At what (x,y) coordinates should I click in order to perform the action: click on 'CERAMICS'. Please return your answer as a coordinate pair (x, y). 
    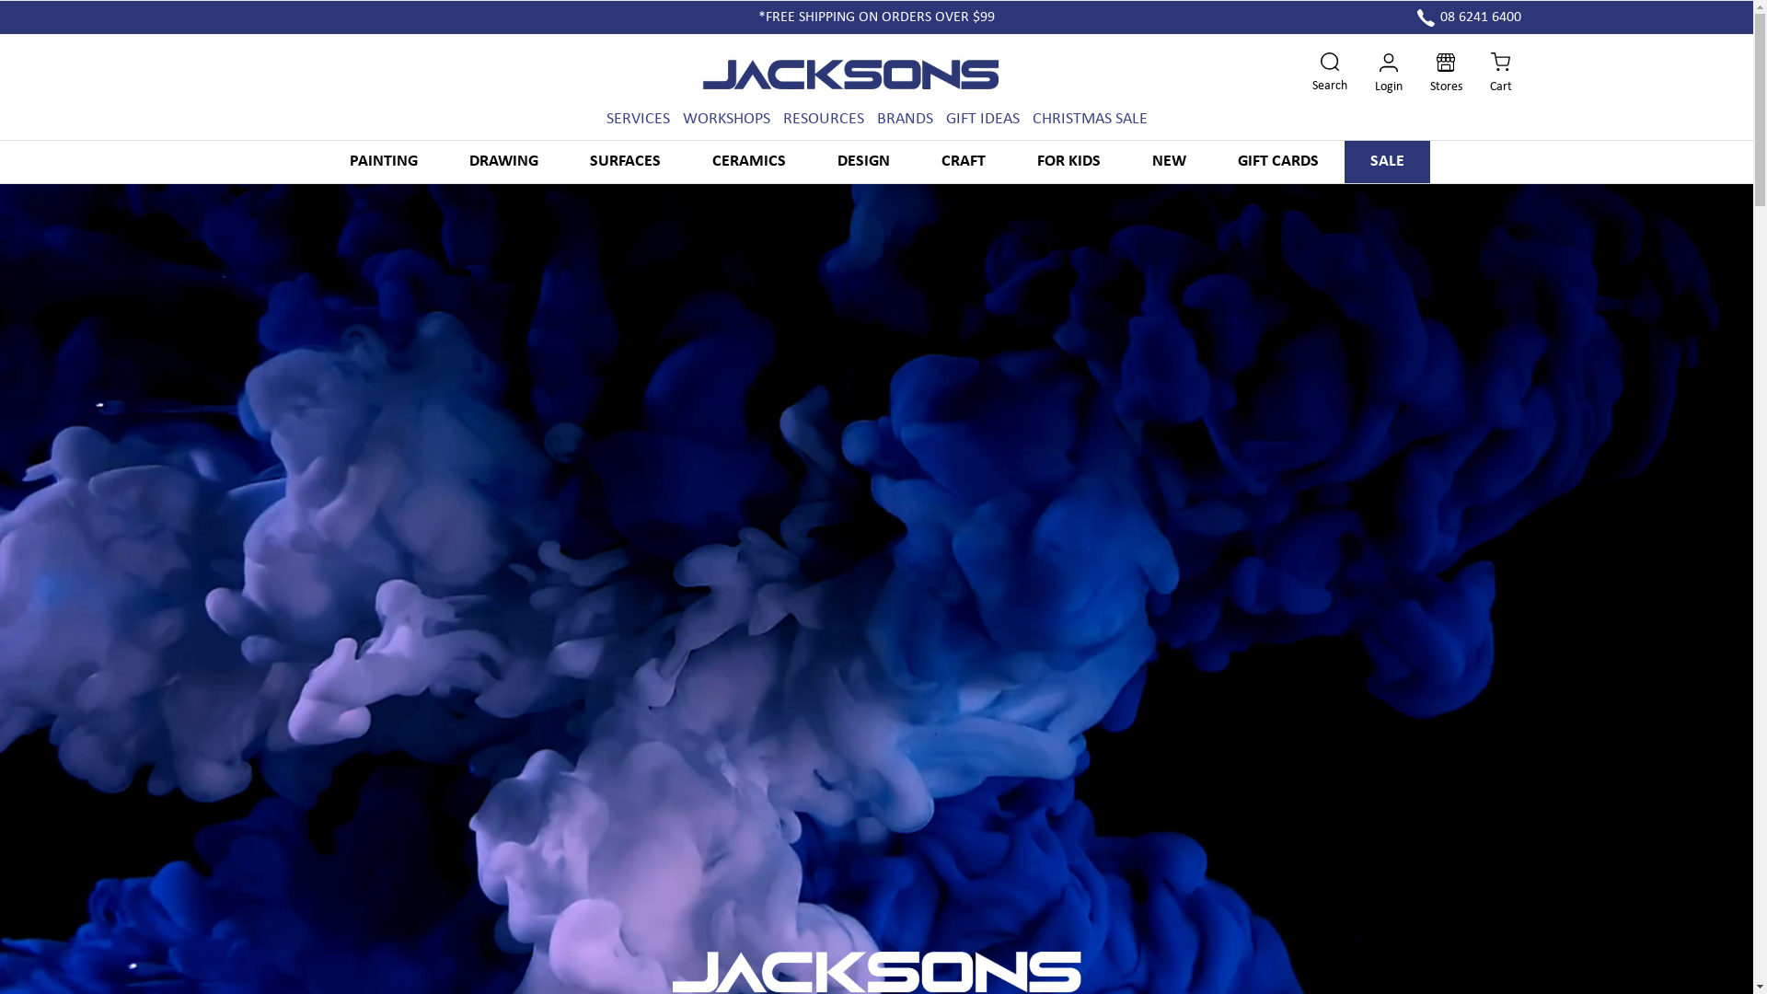
    Looking at the image, I should click on (749, 161).